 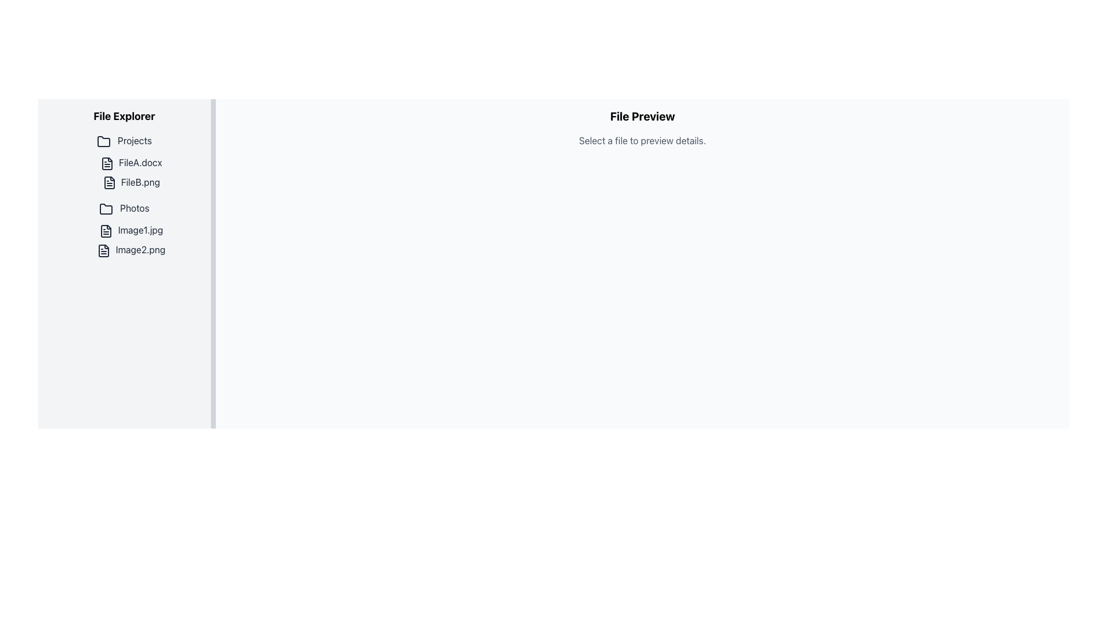 What do you see at coordinates (103, 141) in the screenshot?
I see `the 'Projects' folder icon in the left-hand panel of the file explorer` at bounding box center [103, 141].